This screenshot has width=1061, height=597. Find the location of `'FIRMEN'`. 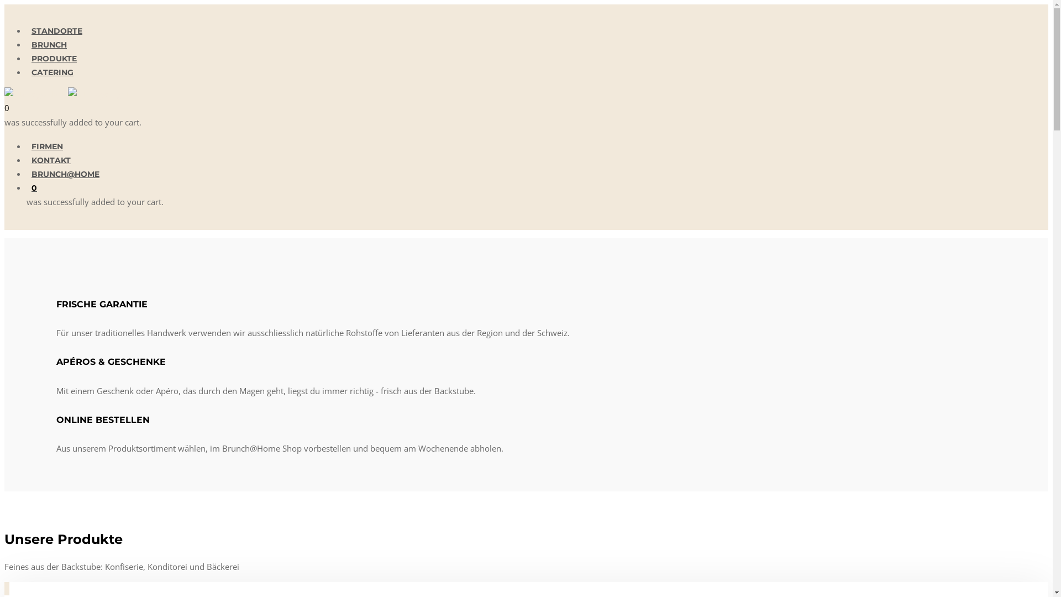

'FIRMEN' is located at coordinates (46, 146).